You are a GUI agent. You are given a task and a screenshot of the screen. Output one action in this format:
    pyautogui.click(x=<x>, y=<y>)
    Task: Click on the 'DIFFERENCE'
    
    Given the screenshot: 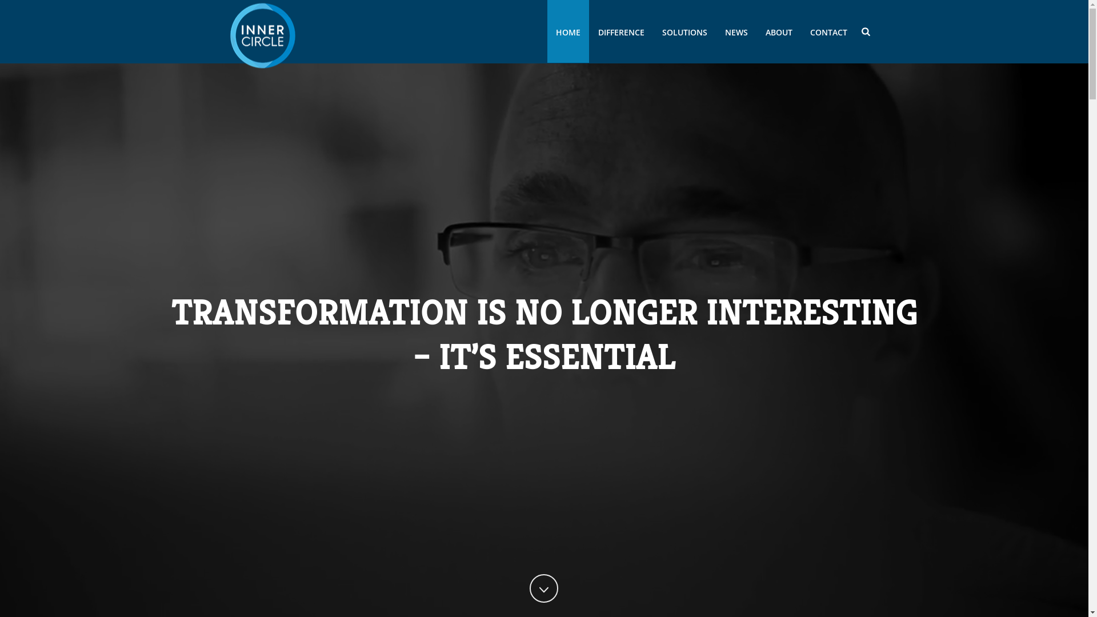 What is the action you would take?
    pyautogui.click(x=620, y=30)
    